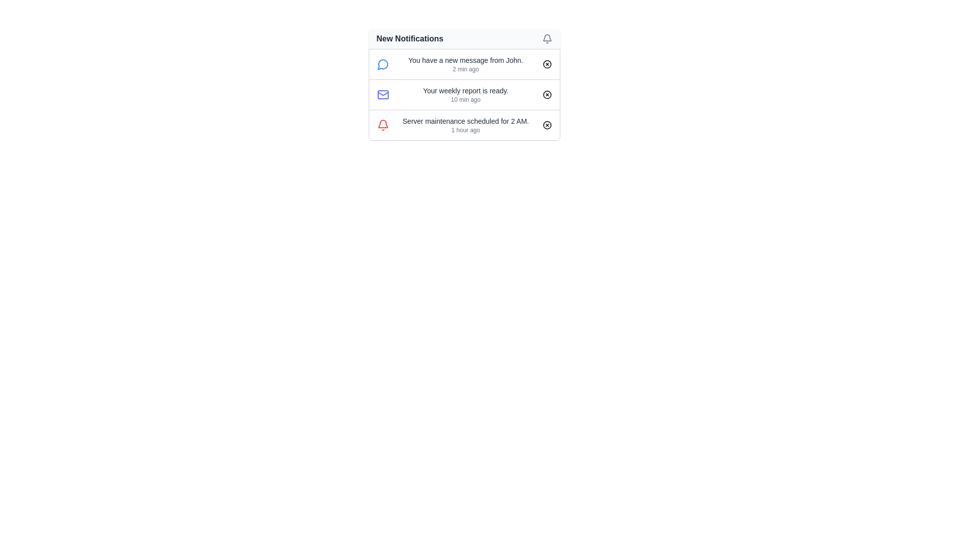 The image size is (958, 539). Describe the element at coordinates (546, 38) in the screenshot. I see `the bell-shaped icon located in the upper right section of the 'New Notifications' panel, which indicates notifications or provides access to notification-related actions` at that location.